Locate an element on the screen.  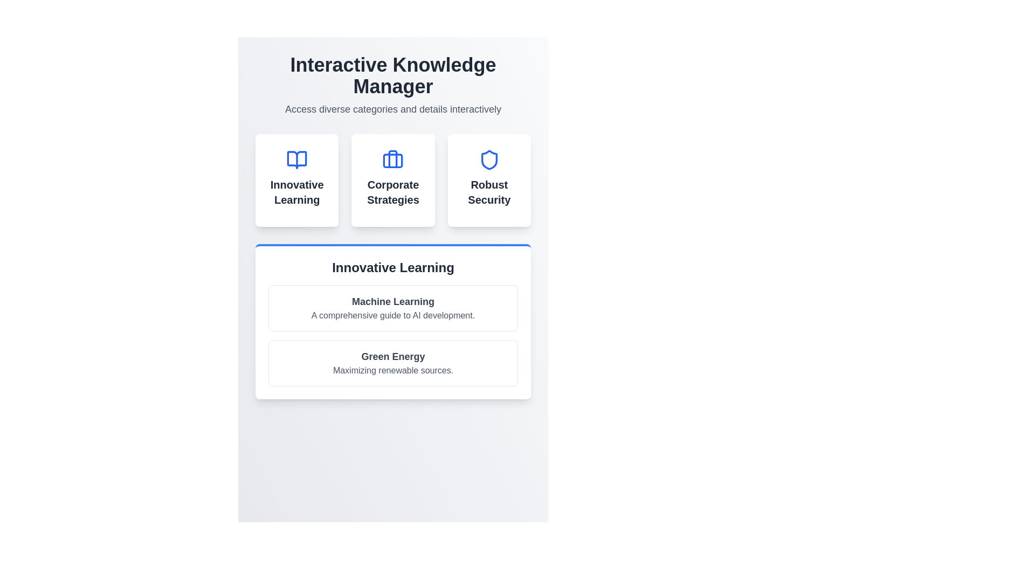
the descriptive subtitle located immediately below the heading 'Machine Learning' within the bordered and rounded rectangular card is located at coordinates (392, 315).